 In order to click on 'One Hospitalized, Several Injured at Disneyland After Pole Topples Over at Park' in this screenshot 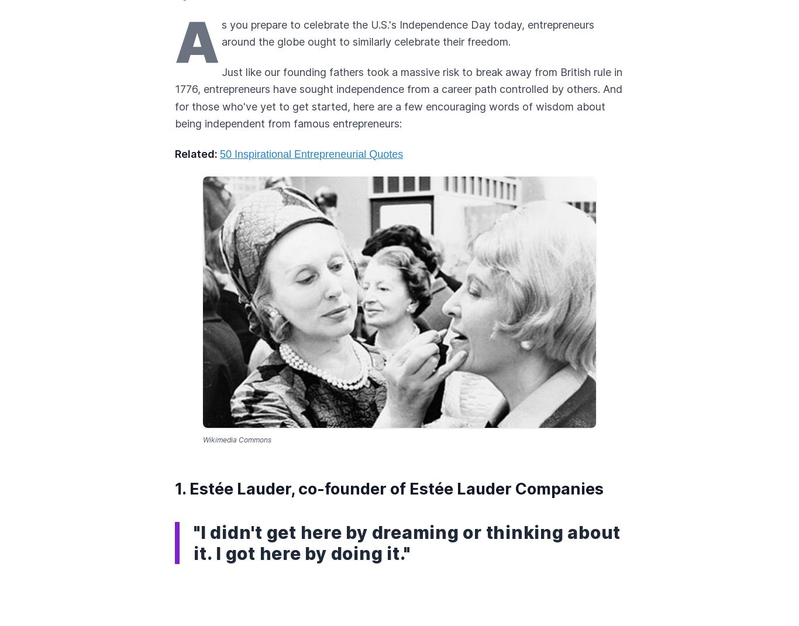, I will do `click(386, 363)`.